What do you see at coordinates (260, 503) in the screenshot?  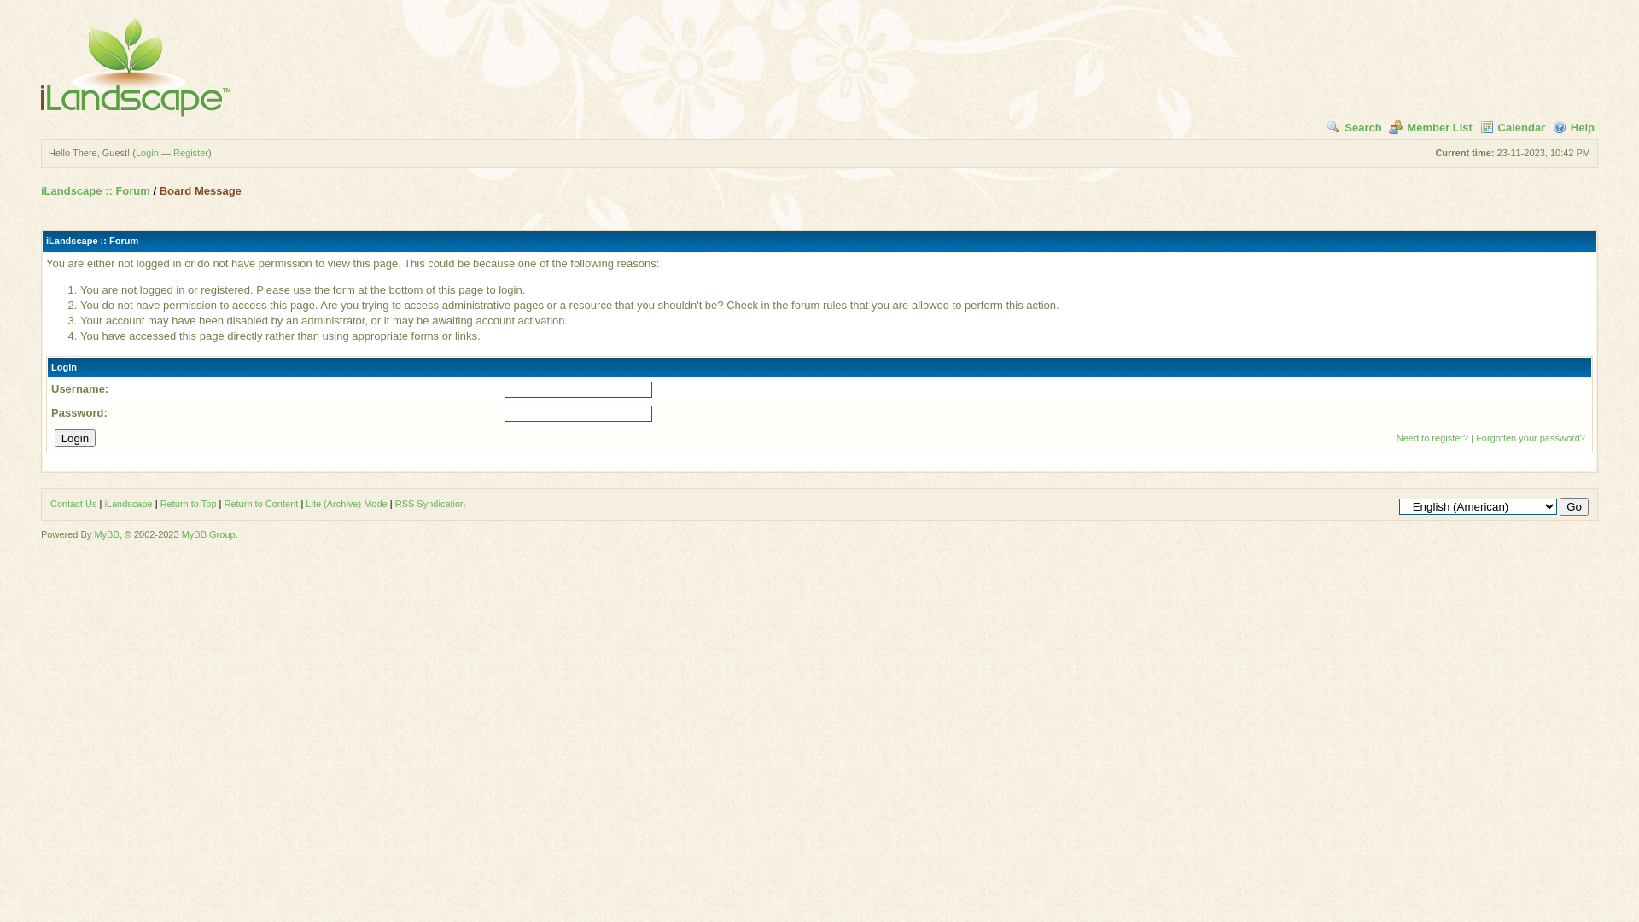 I see `'Return to Content'` at bounding box center [260, 503].